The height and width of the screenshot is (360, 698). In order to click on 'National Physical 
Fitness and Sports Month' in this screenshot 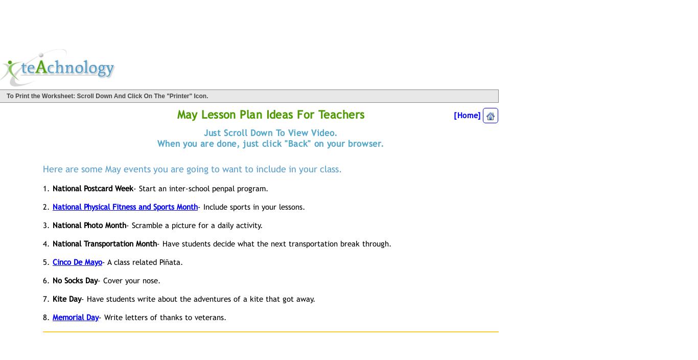, I will do `click(52, 206)`.